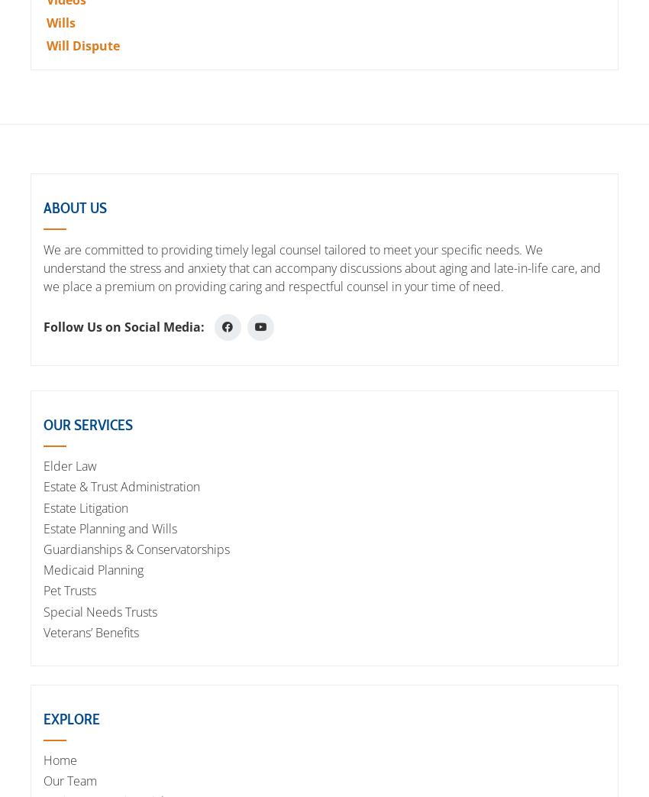  I want to click on 'Medicaid Planning', so click(44, 569).